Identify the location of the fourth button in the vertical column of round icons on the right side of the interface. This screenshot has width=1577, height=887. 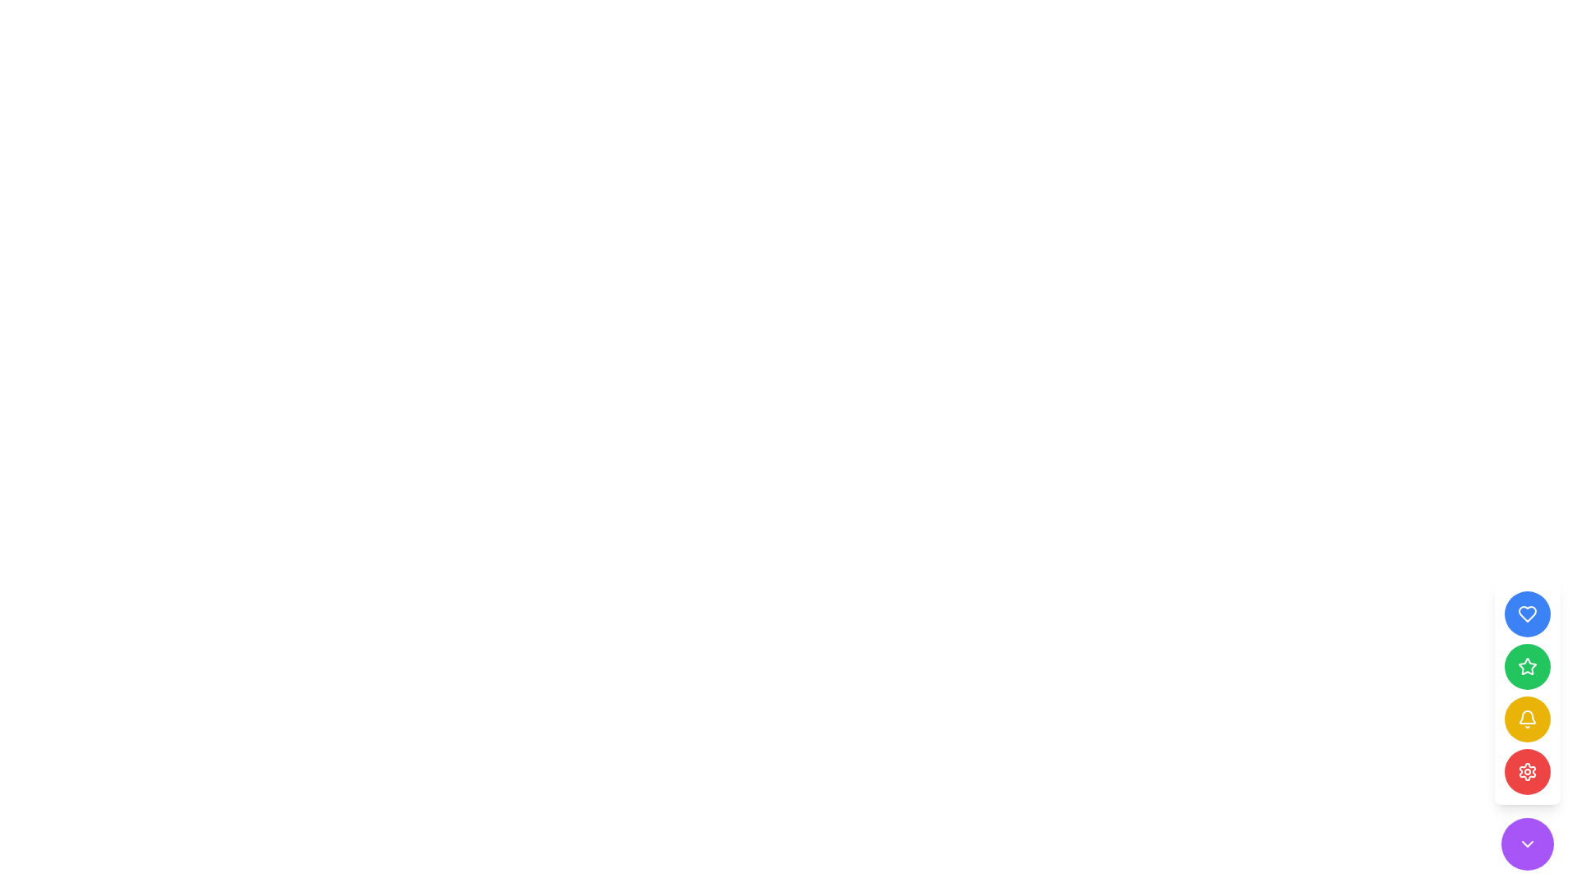
(1527, 772).